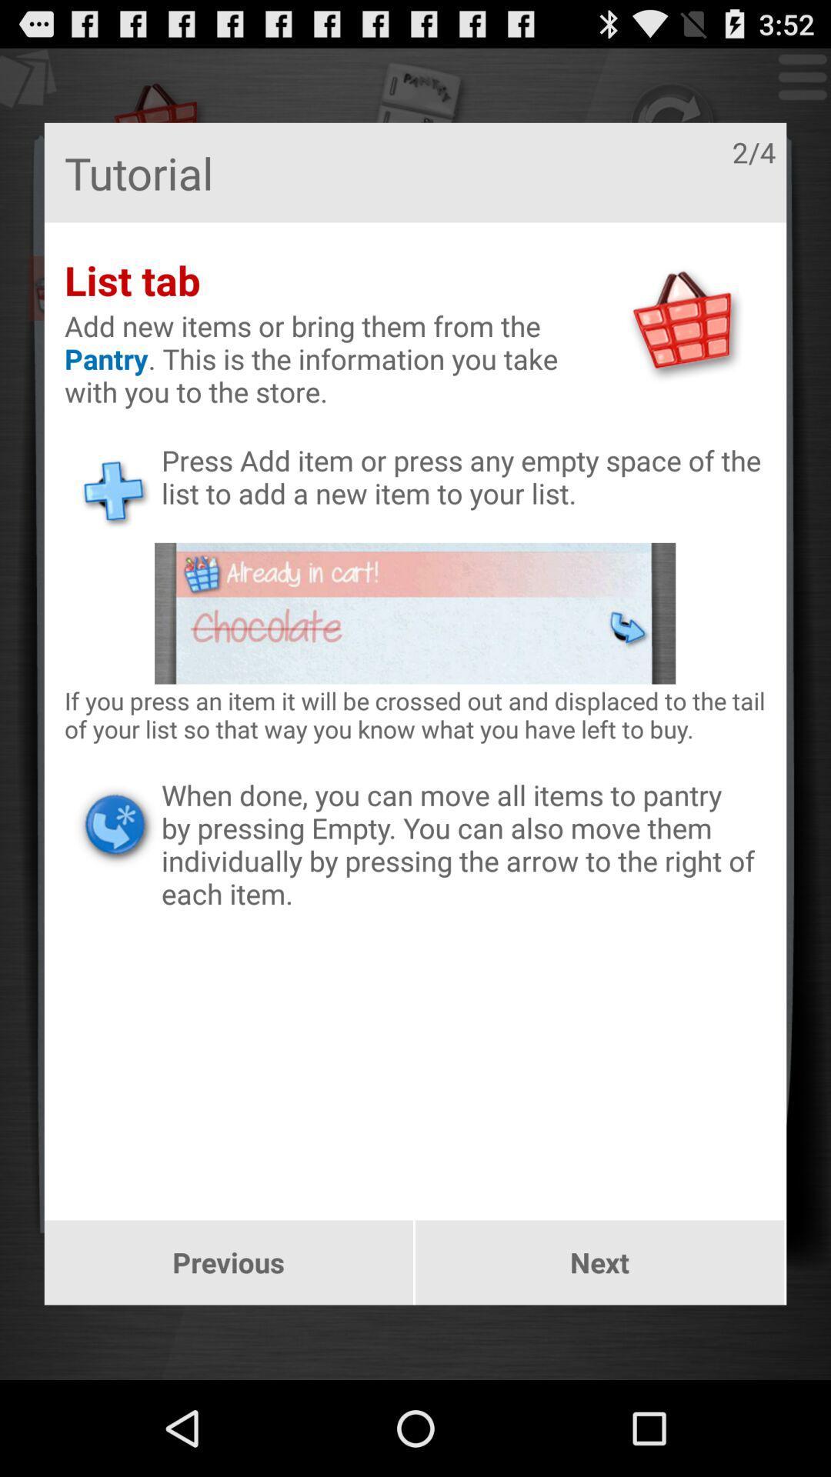  What do you see at coordinates (599, 1262) in the screenshot?
I see `button next to previous` at bounding box center [599, 1262].